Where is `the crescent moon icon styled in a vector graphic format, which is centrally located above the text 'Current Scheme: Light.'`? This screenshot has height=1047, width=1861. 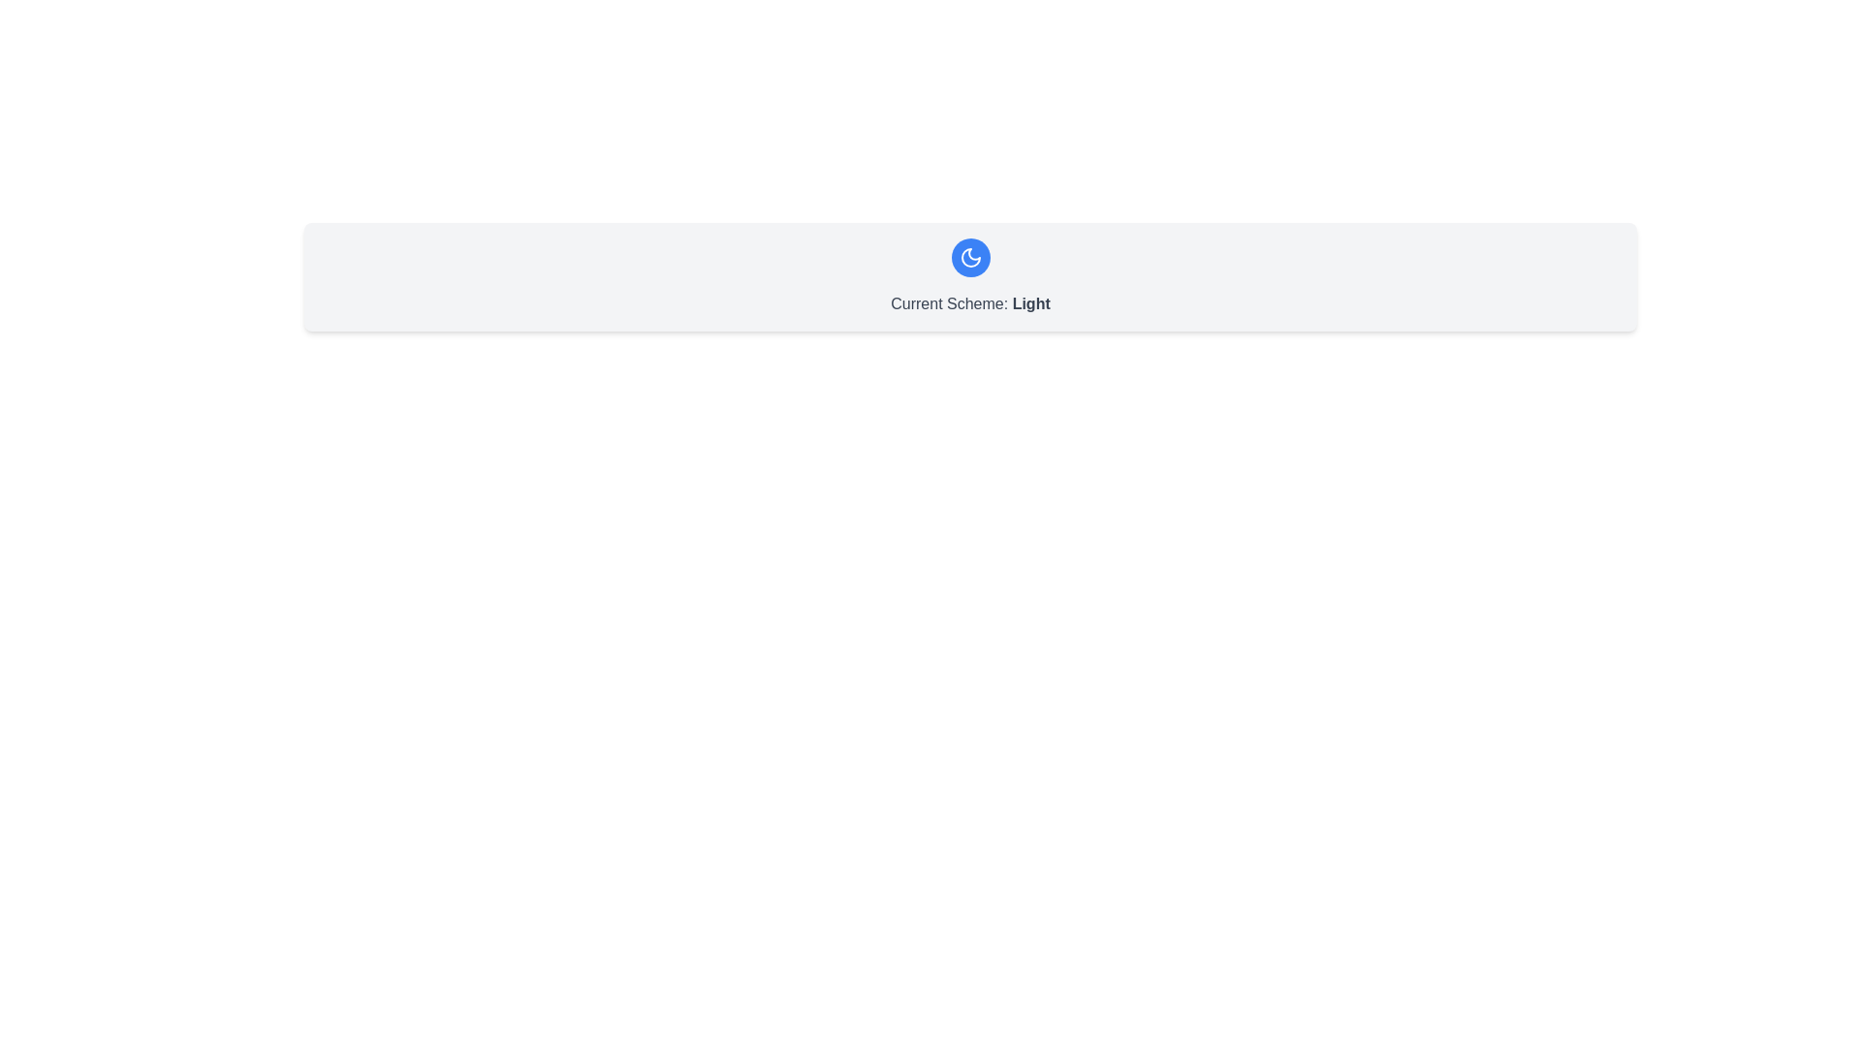 the crescent moon icon styled in a vector graphic format, which is centrally located above the text 'Current Scheme: Light.' is located at coordinates (970, 257).